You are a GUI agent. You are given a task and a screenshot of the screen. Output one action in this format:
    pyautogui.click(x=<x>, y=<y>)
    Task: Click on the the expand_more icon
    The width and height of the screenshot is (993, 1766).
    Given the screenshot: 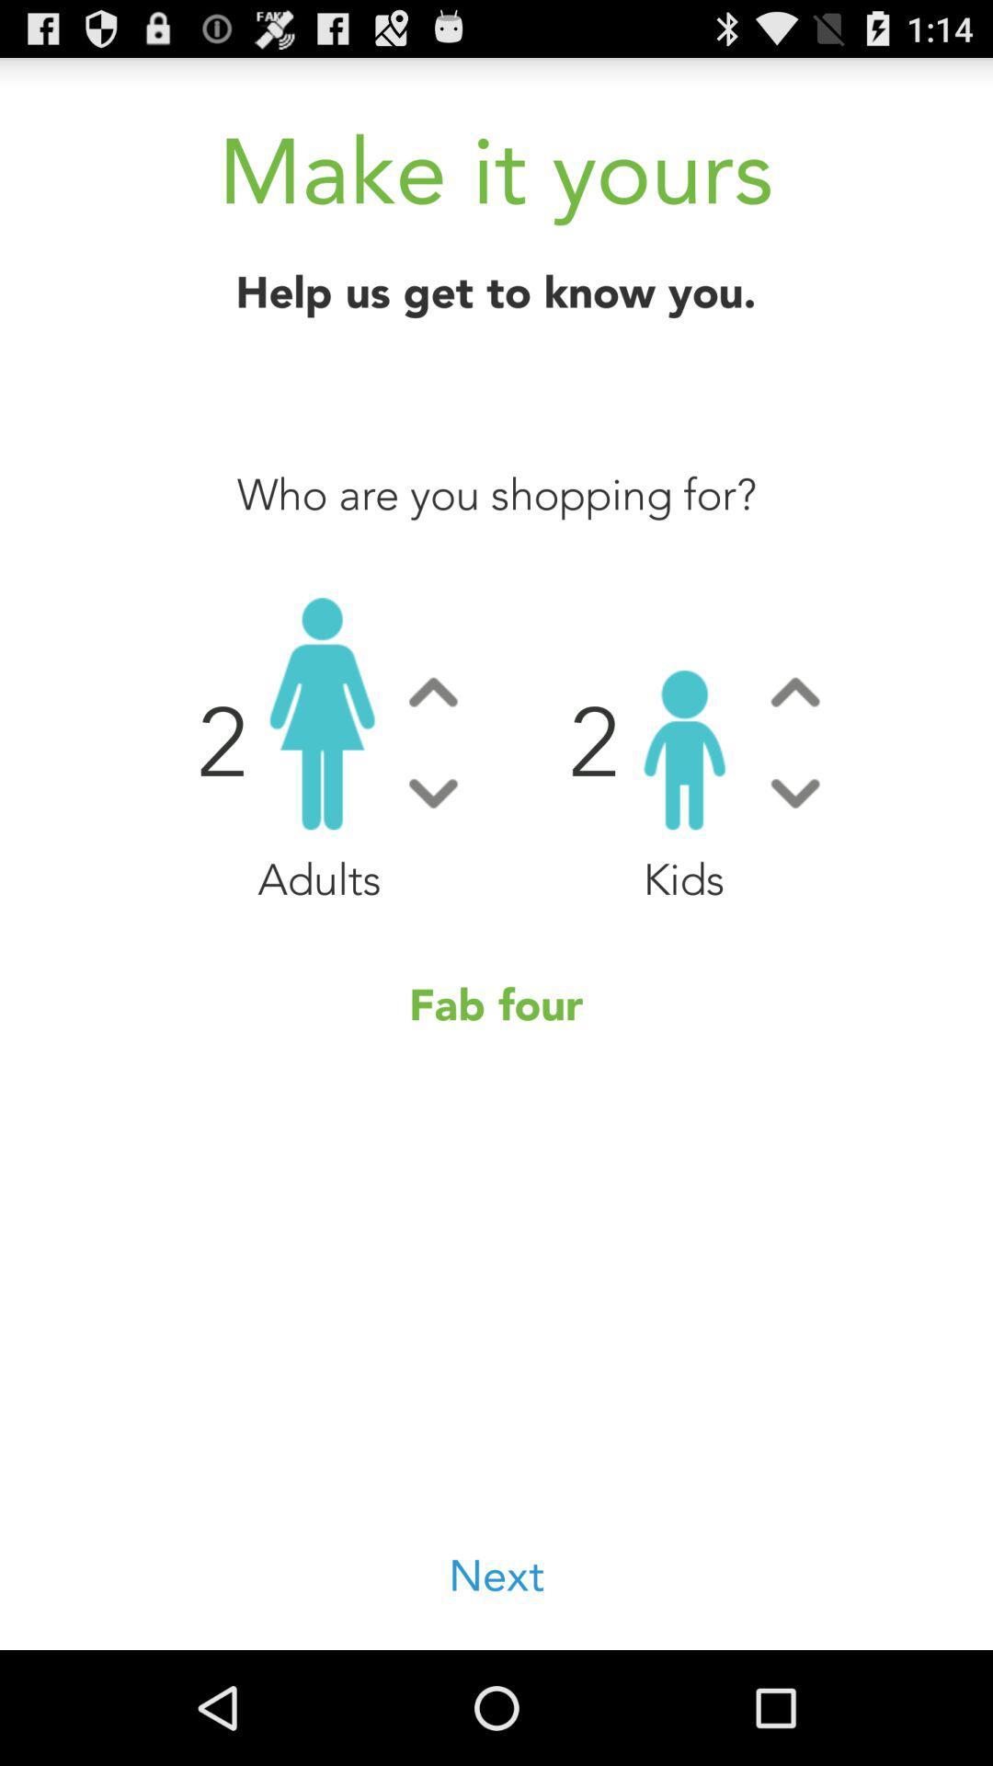 What is the action you would take?
    pyautogui.click(x=794, y=848)
    